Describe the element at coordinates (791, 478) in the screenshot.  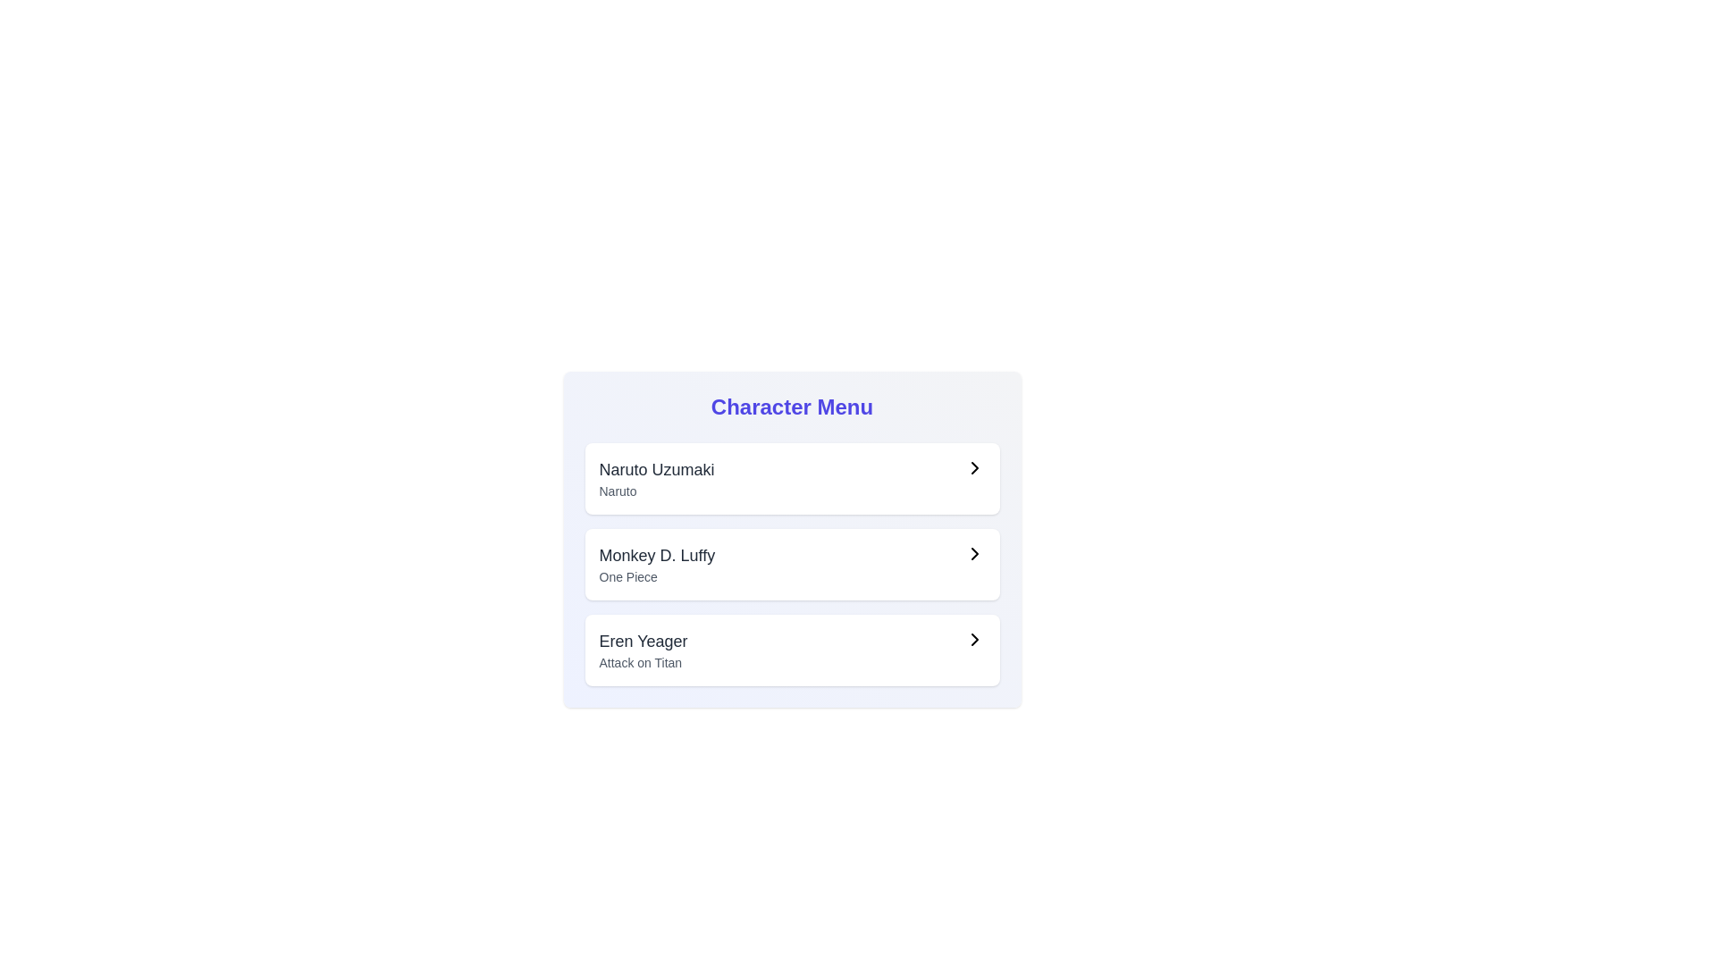
I see `the first selectable option in the 'Character Menu'` at that location.